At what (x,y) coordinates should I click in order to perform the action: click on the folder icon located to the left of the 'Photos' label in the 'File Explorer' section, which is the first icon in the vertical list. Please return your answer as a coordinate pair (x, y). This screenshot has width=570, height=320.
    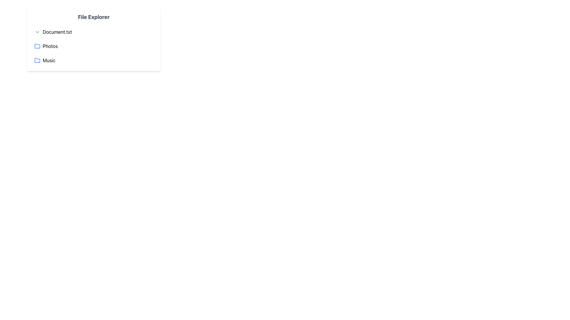
    Looking at the image, I should click on (37, 46).